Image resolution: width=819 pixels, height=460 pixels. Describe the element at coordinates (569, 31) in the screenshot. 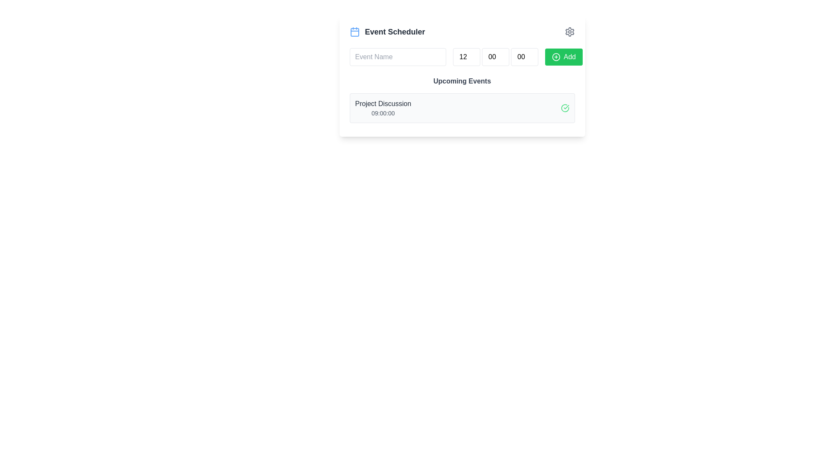

I see `the settings icon, which is a gray gear symbol located in the top-right corner of the 'Event Scheduler' interface` at that location.